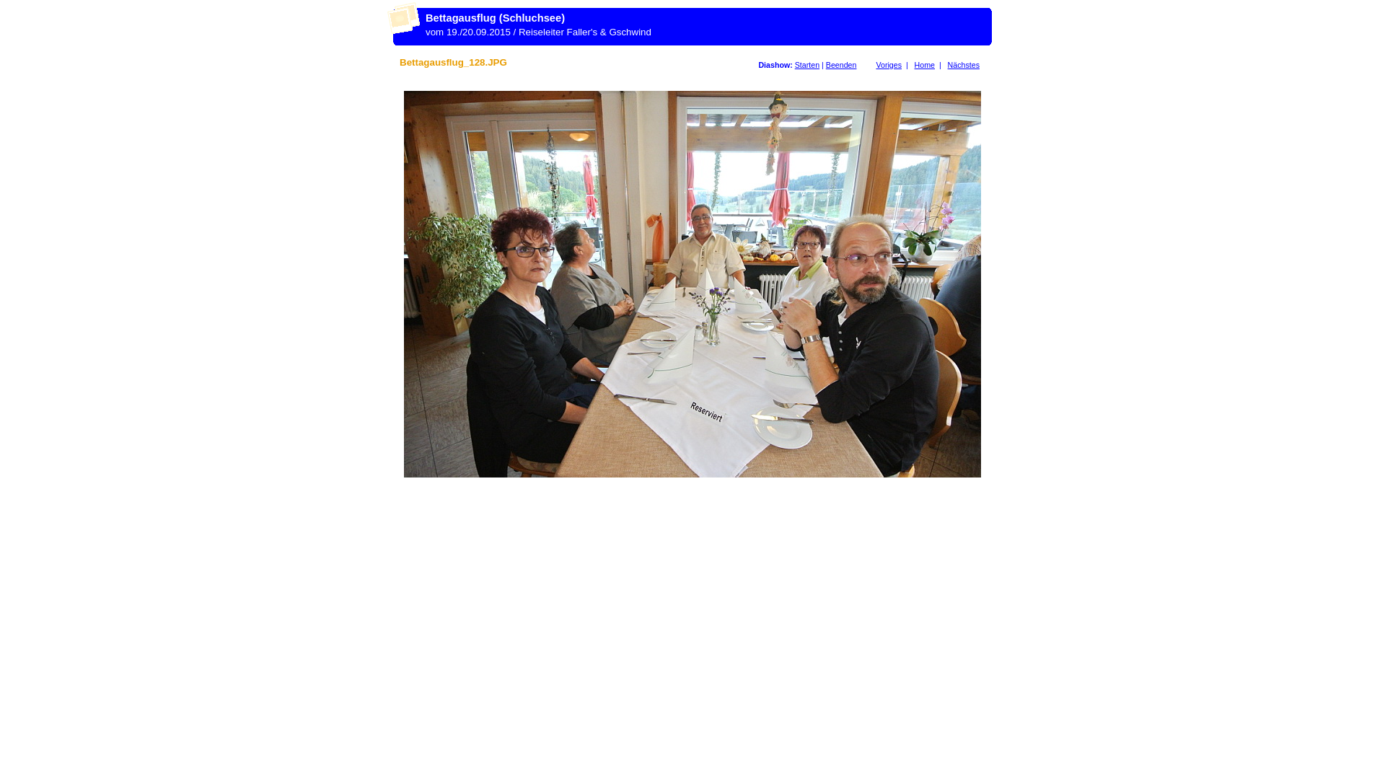  I want to click on 'Voriges', so click(888, 63).